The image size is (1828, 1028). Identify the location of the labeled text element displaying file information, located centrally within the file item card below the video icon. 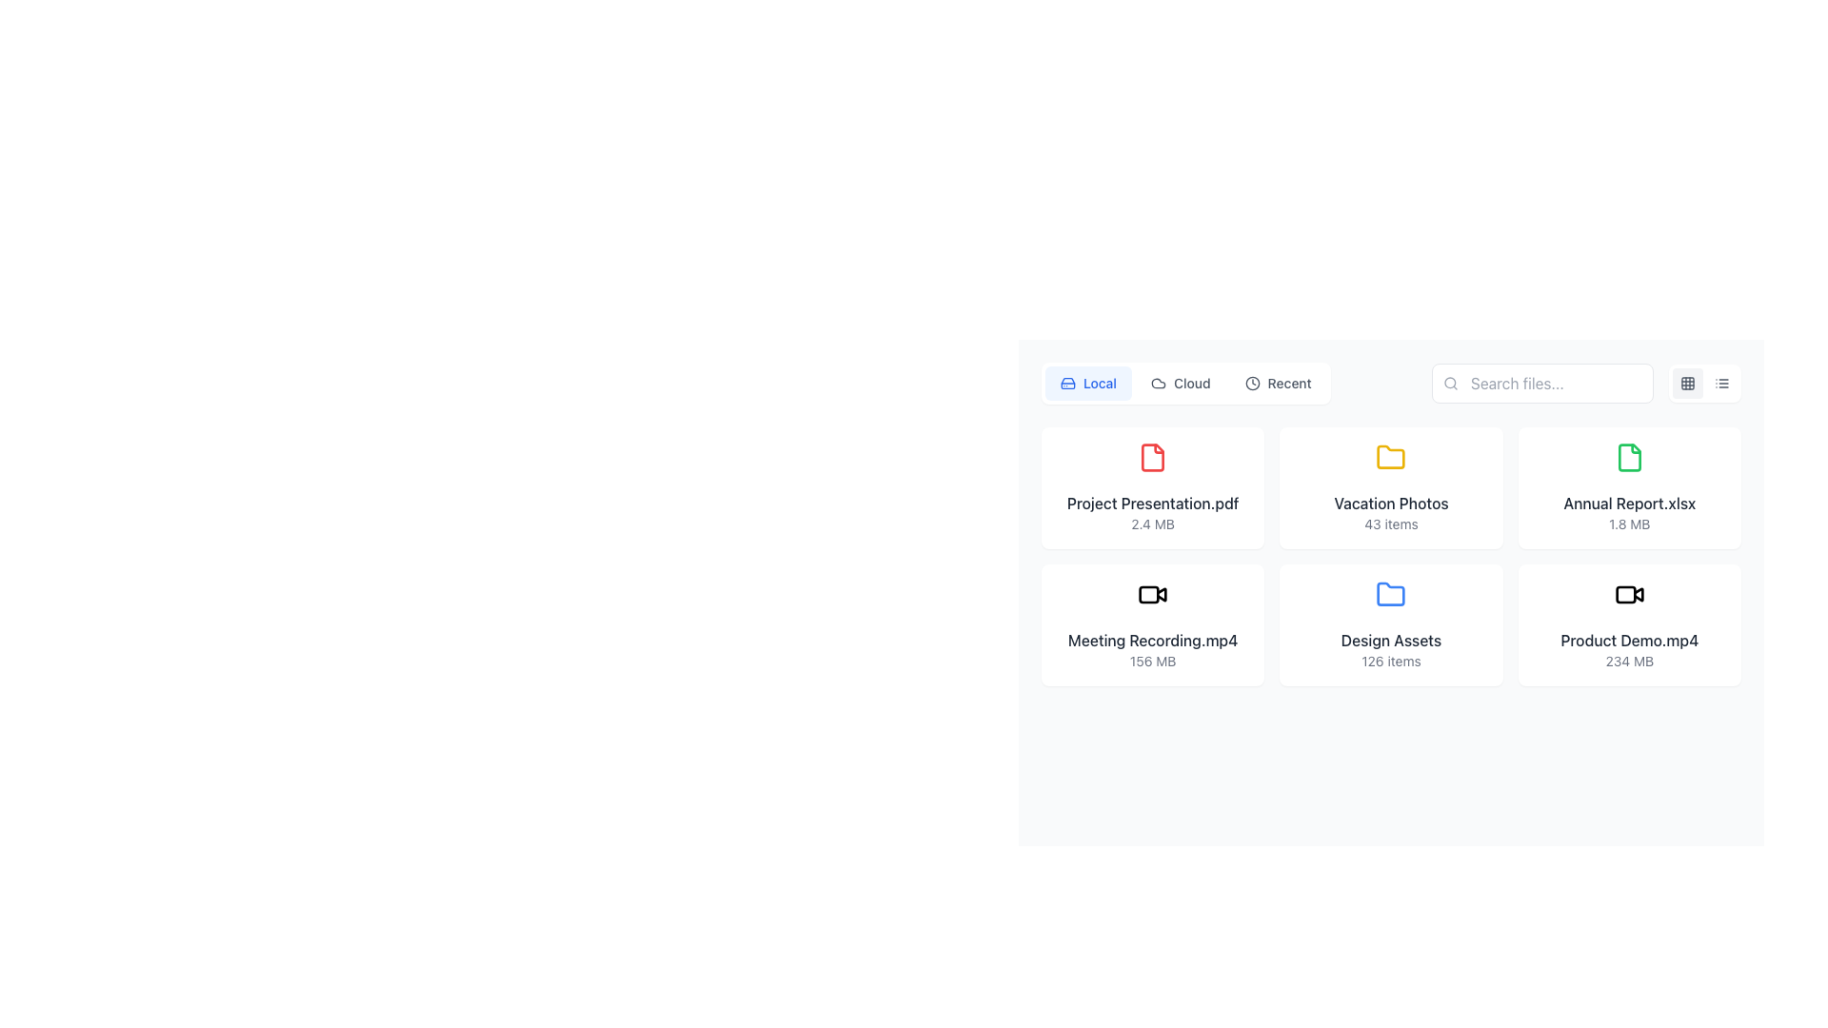
(1152, 648).